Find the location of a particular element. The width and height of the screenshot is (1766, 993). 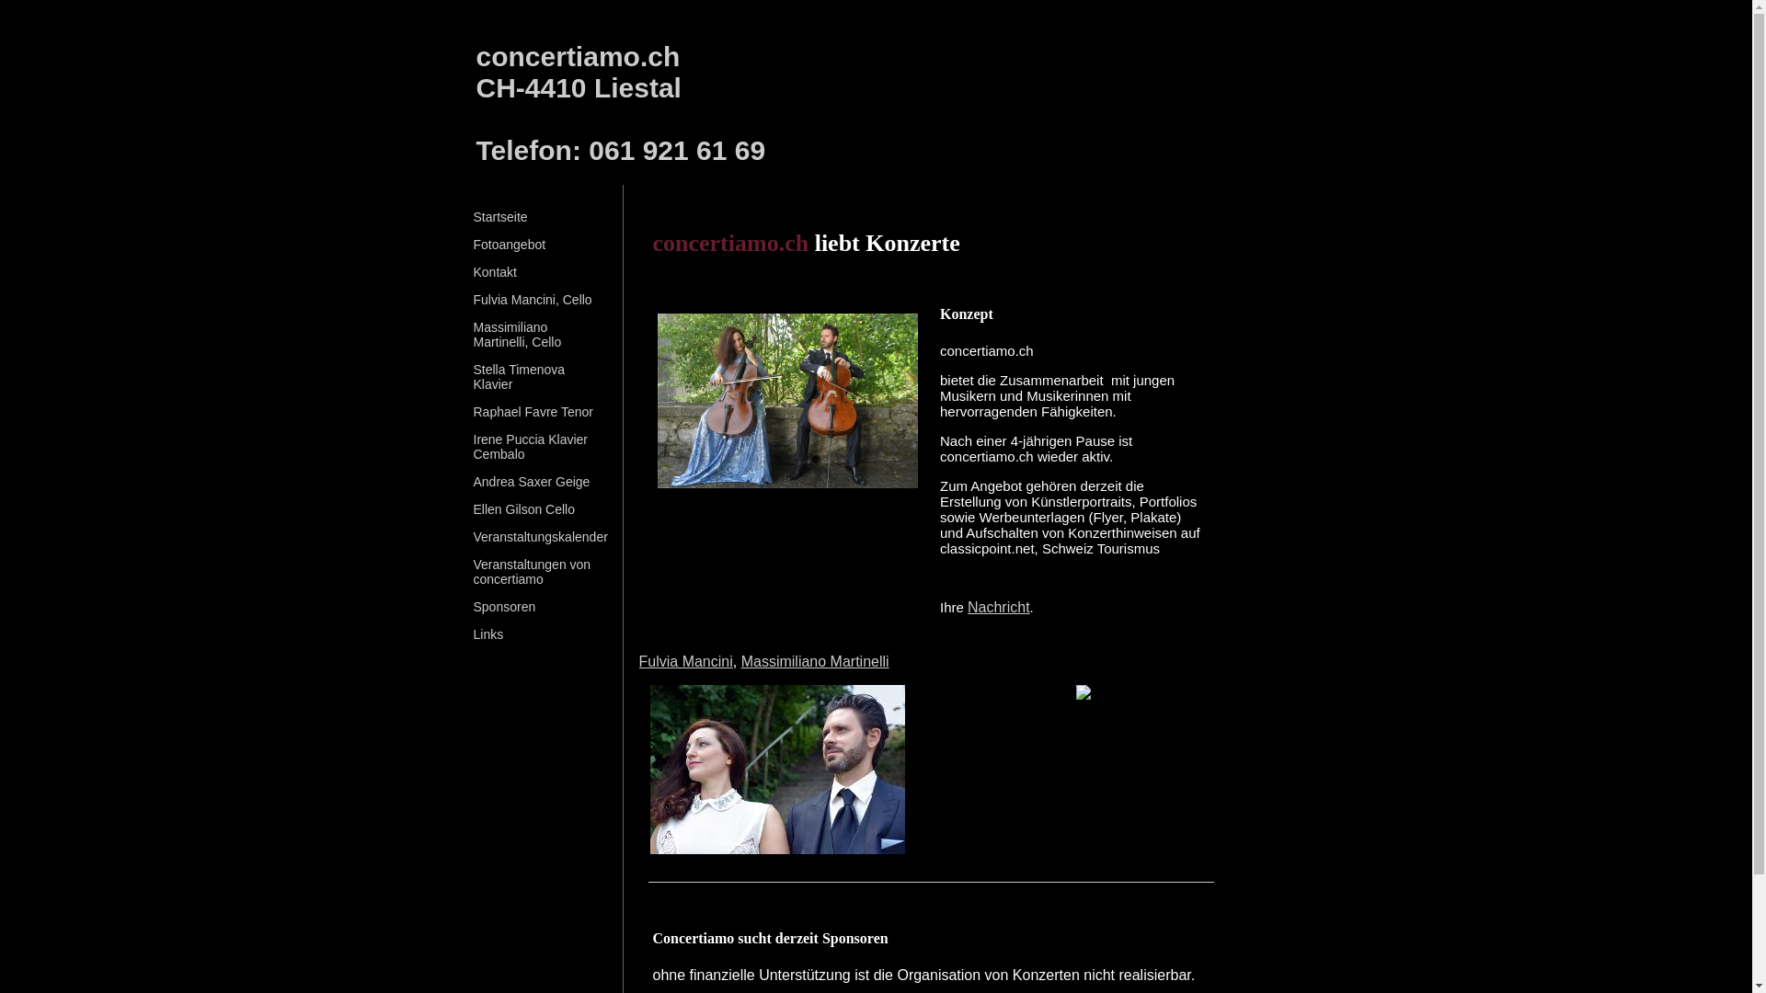

'Nachricht' is located at coordinates (966, 607).